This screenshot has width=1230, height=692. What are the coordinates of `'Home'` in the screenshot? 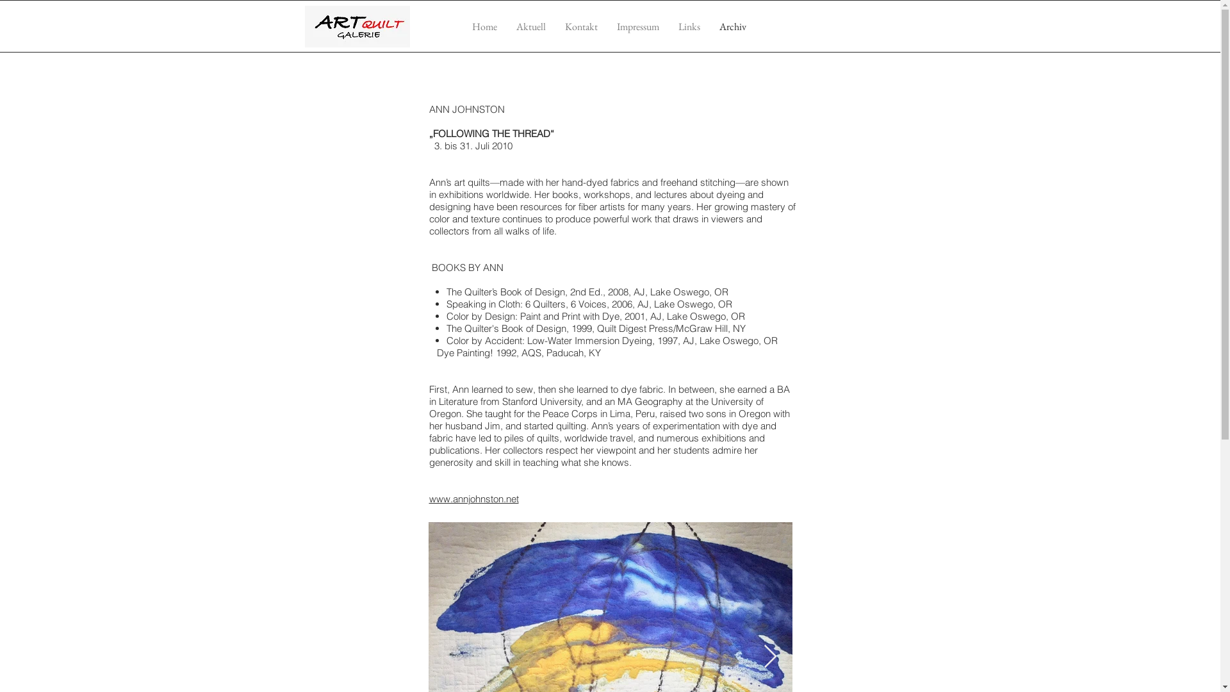 It's located at (484, 26).